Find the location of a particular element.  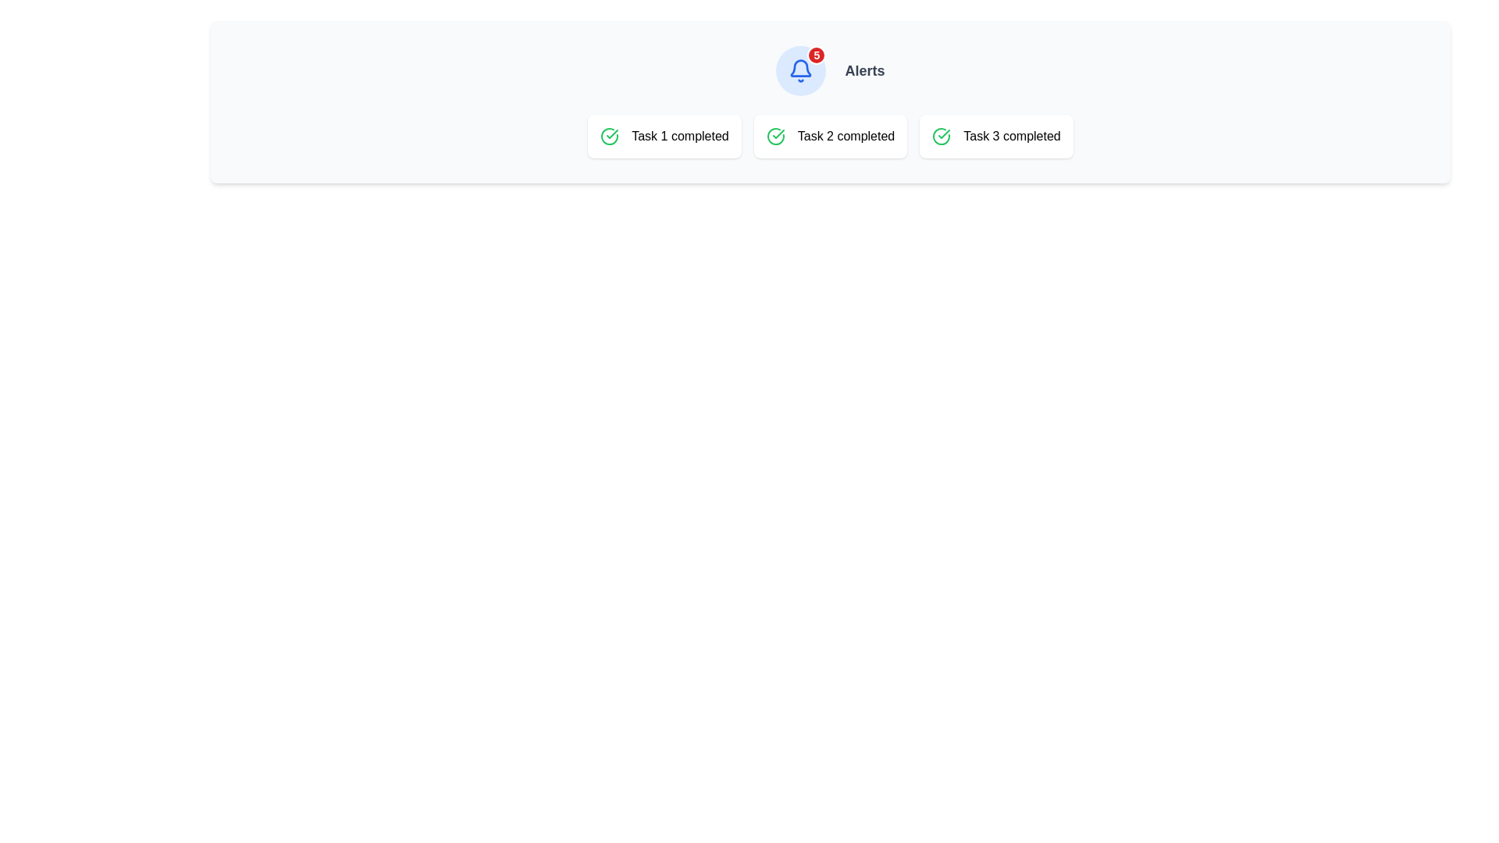

the Information card that displays 'Task 2 completed', which features a green circular checkmark icon and bold text, positioned centrally in the top region of the interface is located at coordinates (830, 135).